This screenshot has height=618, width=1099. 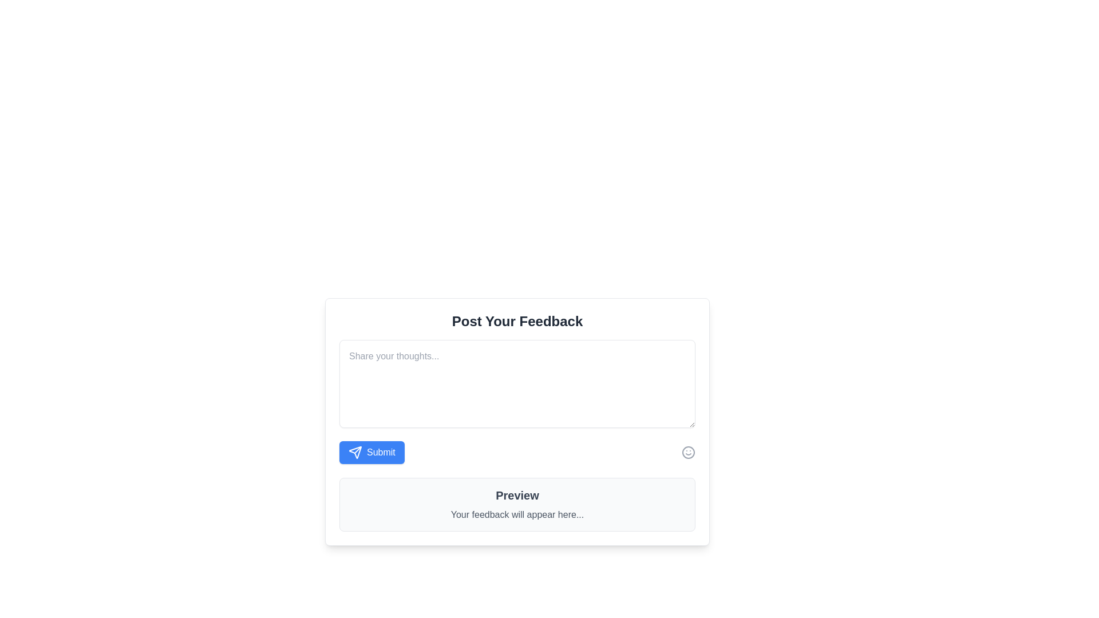 What do you see at coordinates (516, 322) in the screenshot?
I see `the bold header text 'Post Your Feedback' at the top of the feedback submission section, which is visually prominent and centered` at bounding box center [516, 322].